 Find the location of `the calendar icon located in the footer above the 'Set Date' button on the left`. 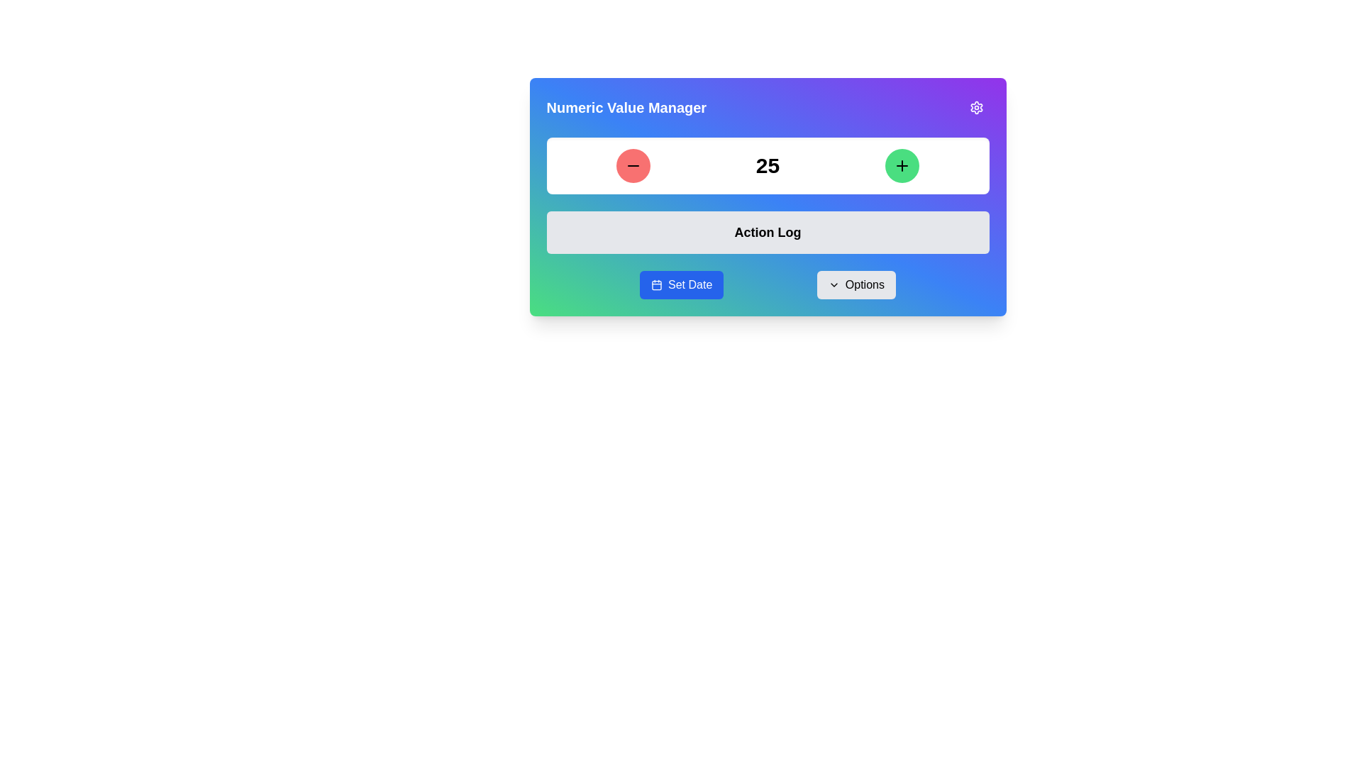

the calendar icon located in the footer above the 'Set Date' button on the left is located at coordinates (656, 285).